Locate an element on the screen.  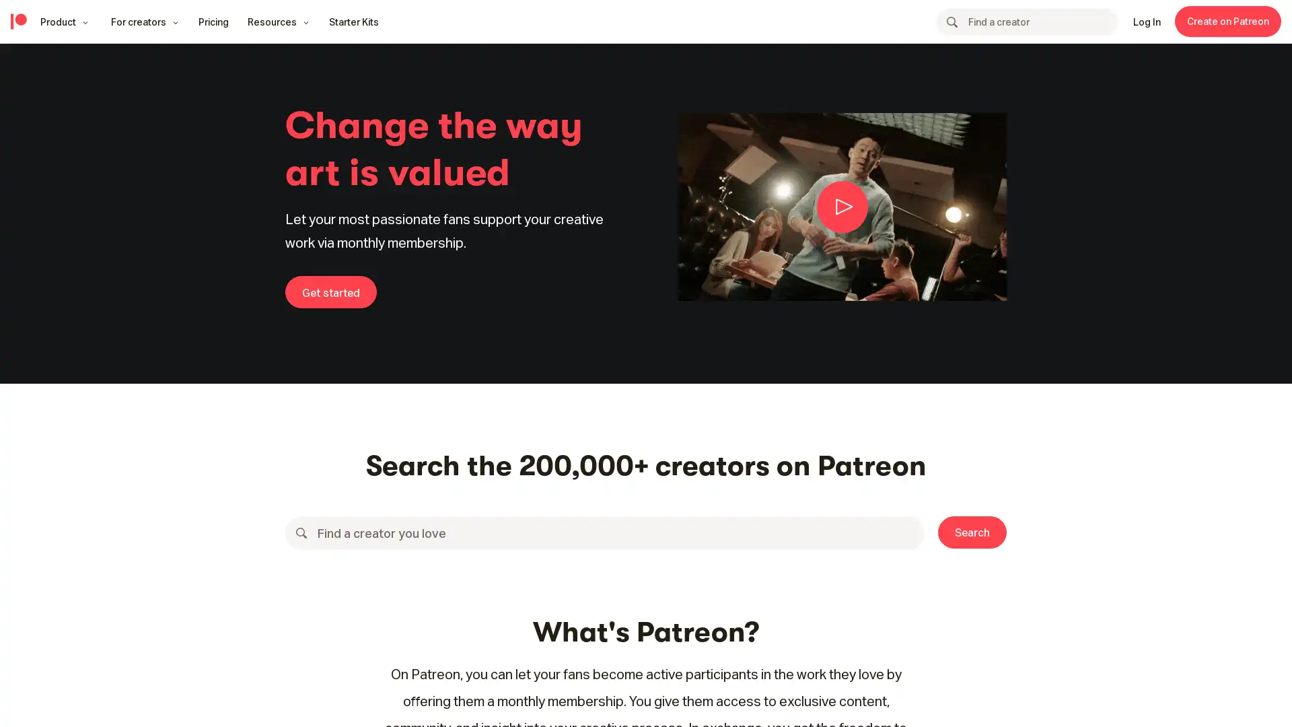
Animated preview of creativity video showing creators is located at coordinates (842, 207).